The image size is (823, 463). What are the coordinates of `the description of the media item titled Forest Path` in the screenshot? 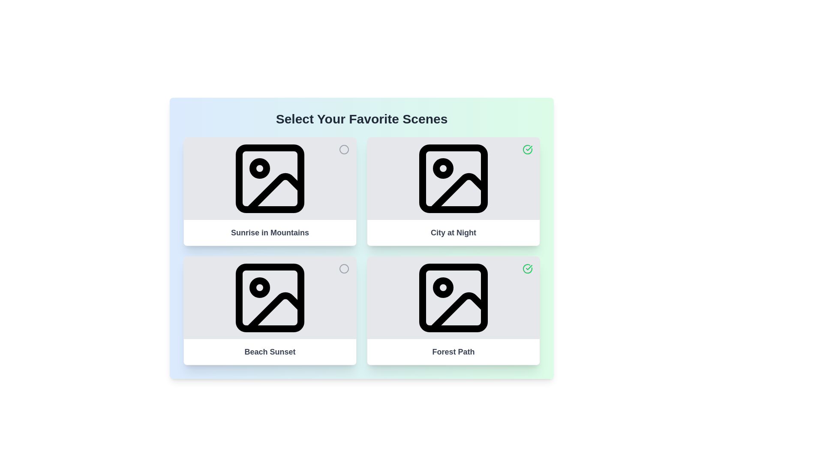 It's located at (453, 352).